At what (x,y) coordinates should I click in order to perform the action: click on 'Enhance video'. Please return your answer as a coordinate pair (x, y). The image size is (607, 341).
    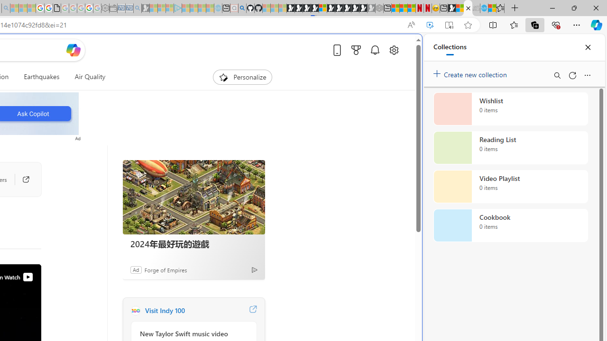
    Looking at the image, I should click on (429, 25).